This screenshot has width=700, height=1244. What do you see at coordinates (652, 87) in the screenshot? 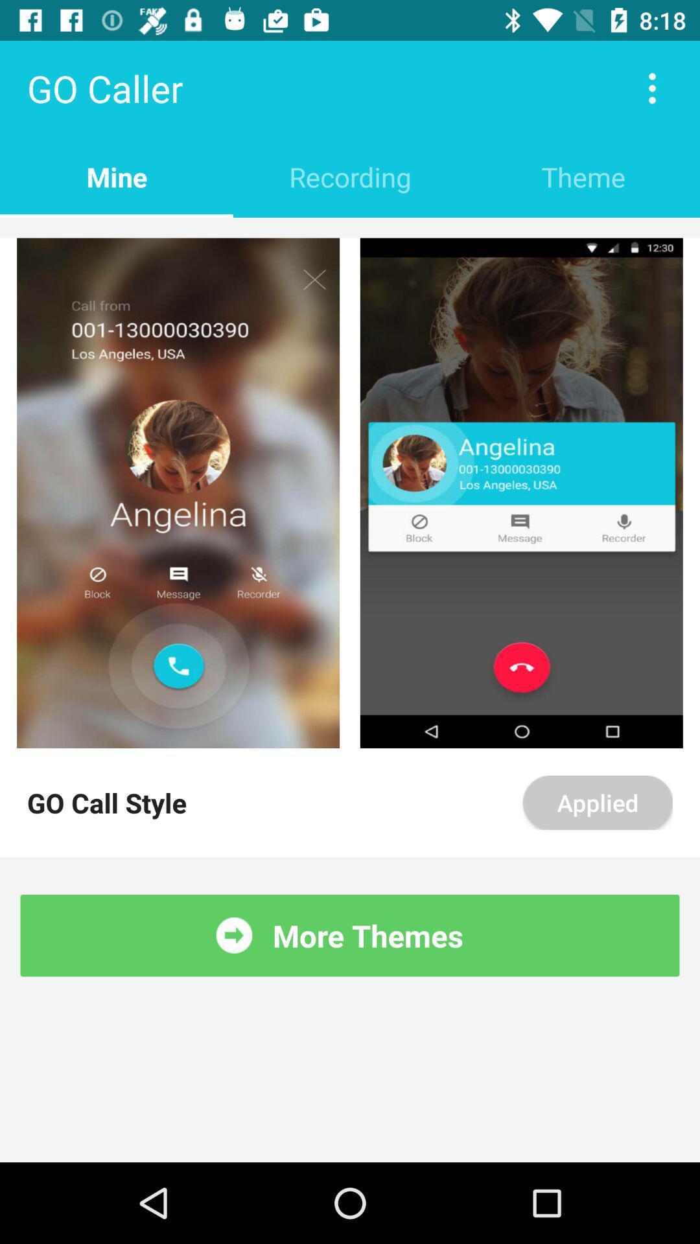
I see `an option setting` at bounding box center [652, 87].